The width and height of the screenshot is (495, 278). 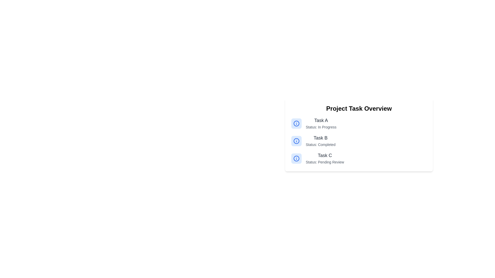 What do you see at coordinates (296, 141) in the screenshot?
I see `the circular light blue information icon located to the left of 'Task B' in the second row` at bounding box center [296, 141].